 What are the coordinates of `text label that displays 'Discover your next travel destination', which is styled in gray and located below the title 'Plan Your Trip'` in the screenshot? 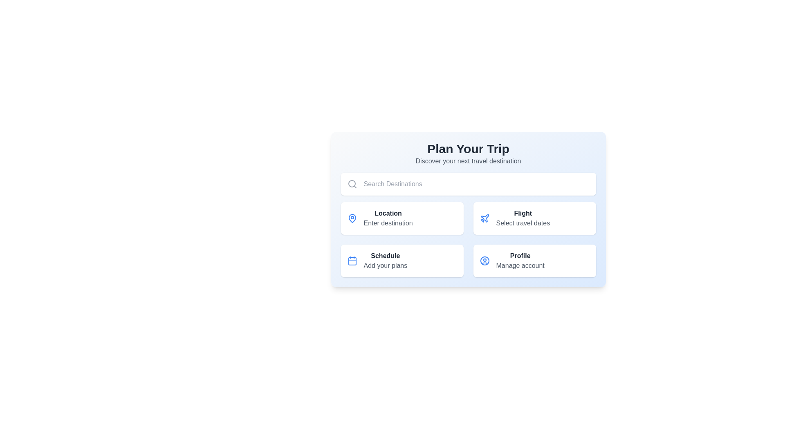 It's located at (468, 161).